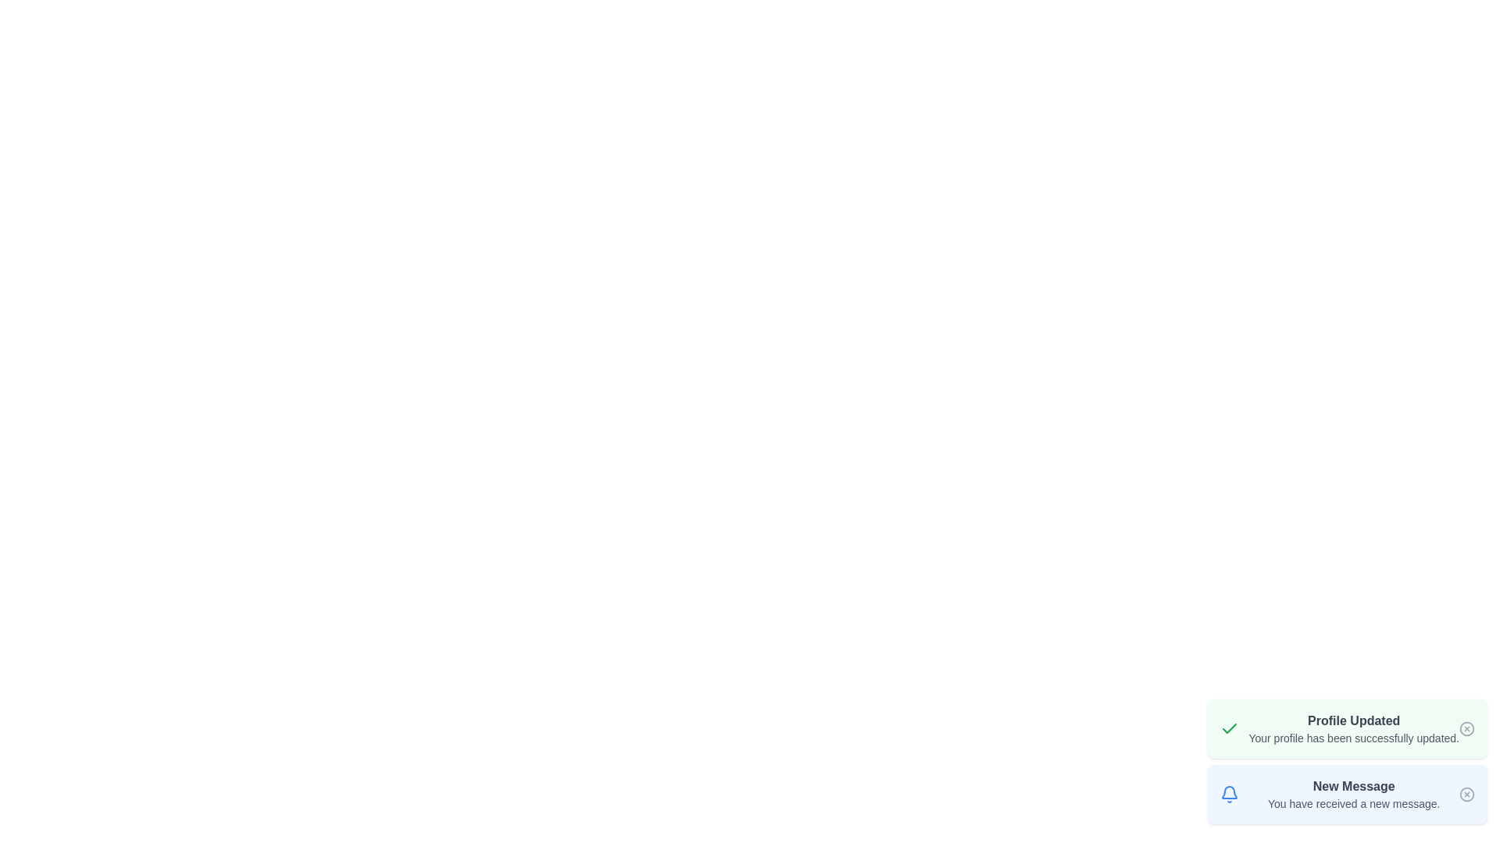 Image resolution: width=1500 pixels, height=843 pixels. Describe the element at coordinates (1229, 795) in the screenshot. I see `the notification icon on the panel` at that location.